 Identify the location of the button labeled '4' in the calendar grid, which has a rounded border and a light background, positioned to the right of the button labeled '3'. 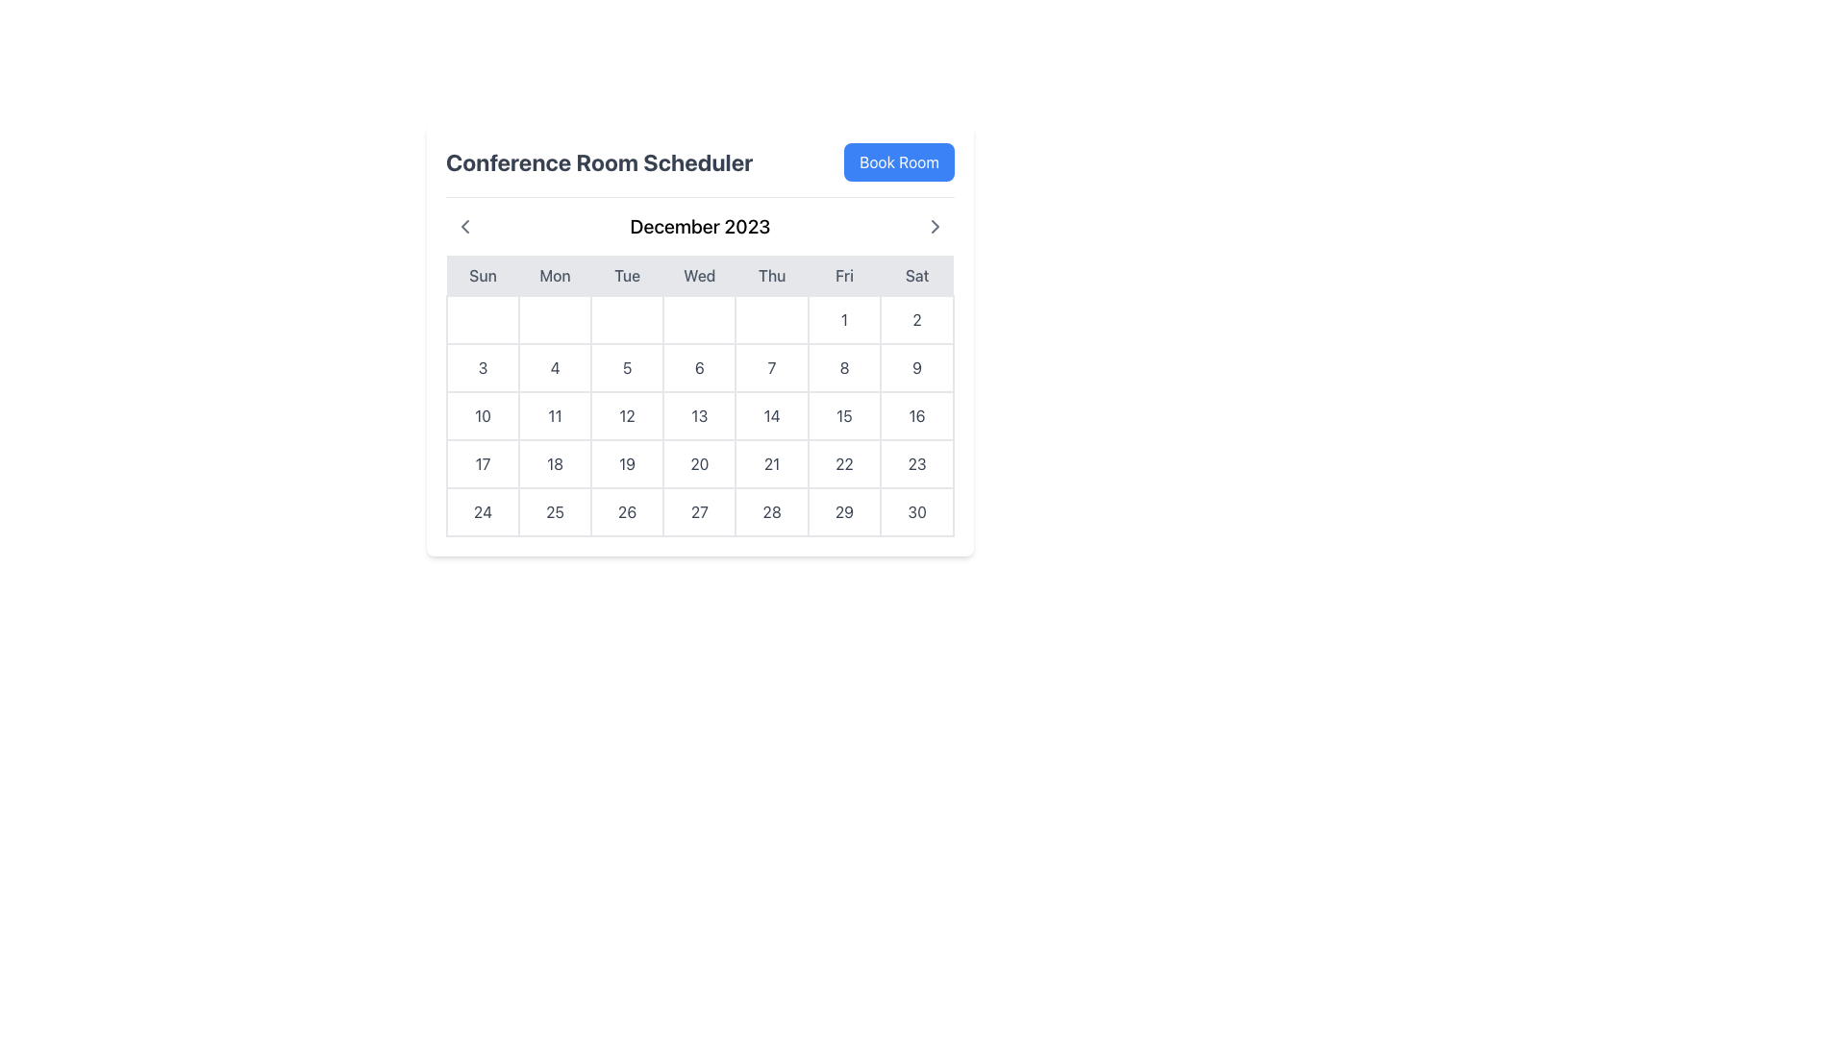
(554, 367).